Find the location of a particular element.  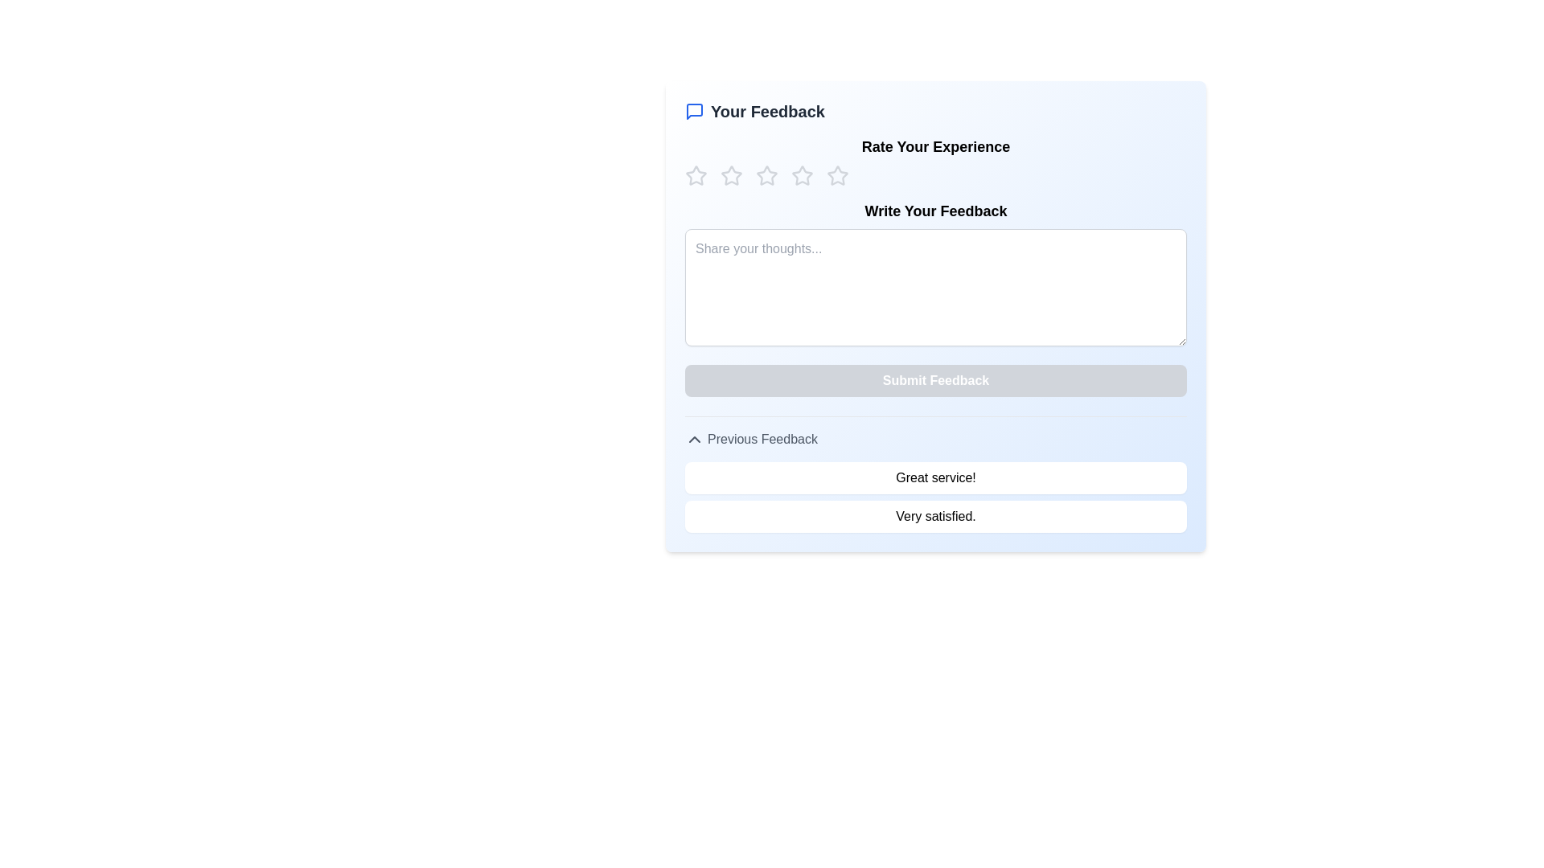

the fourth star icon in the rating section to set a four-star rating for the user's experience is located at coordinates (802, 175).